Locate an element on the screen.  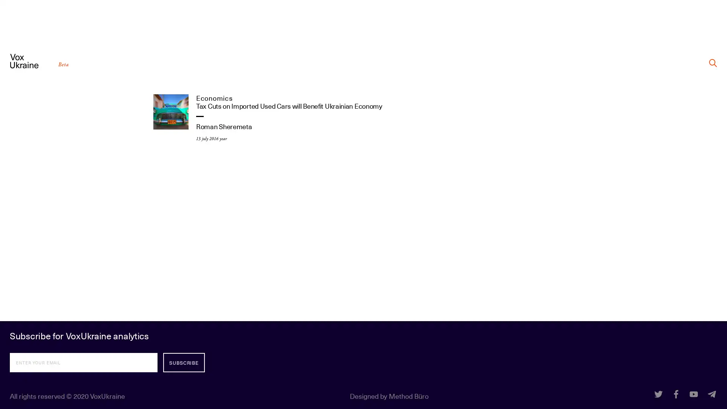
Subscribe is located at coordinates (184, 362).